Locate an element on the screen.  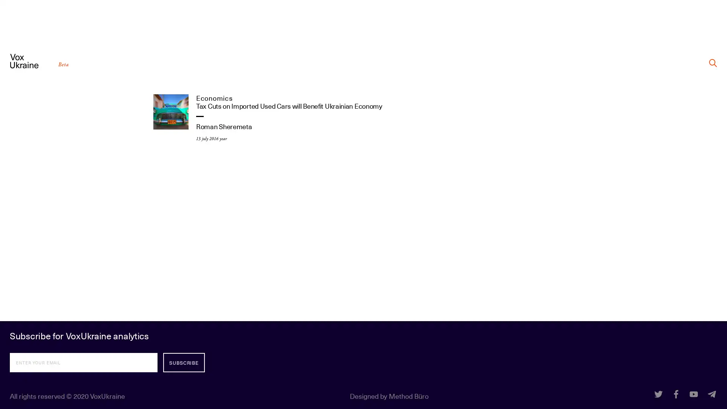
Subscribe is located at coordinates (184, 362).